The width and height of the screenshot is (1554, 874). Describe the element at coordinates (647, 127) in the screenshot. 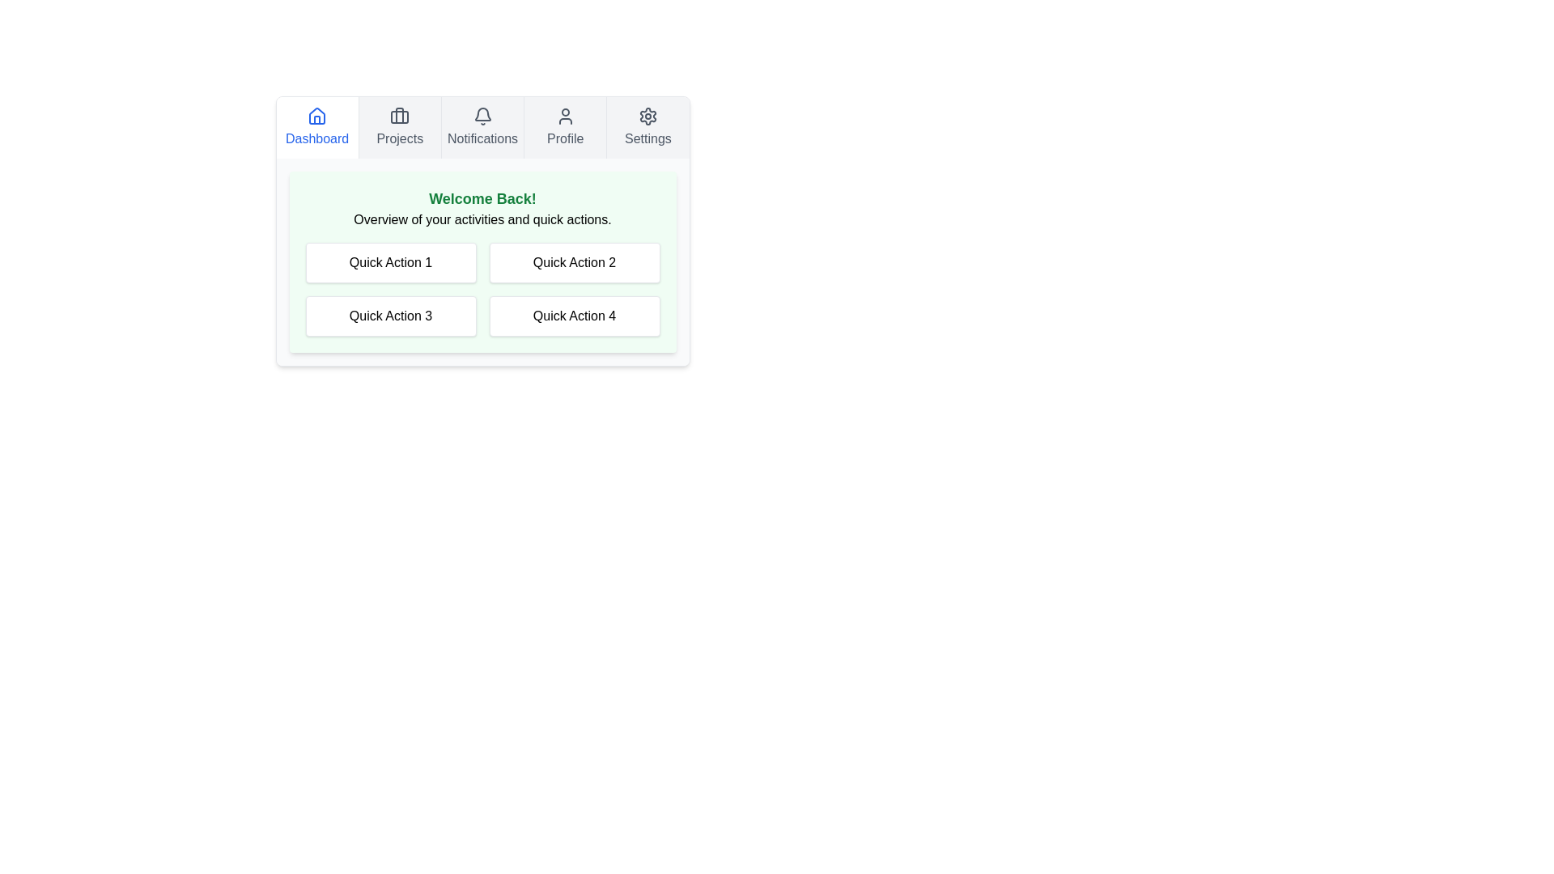

I see `the Settings entry point element` at that location.